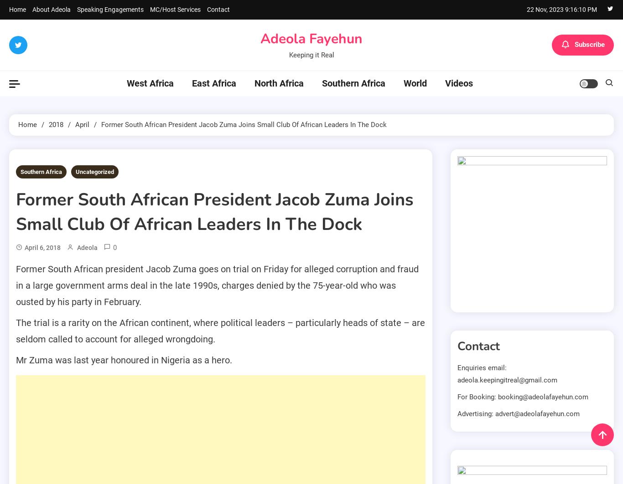 The image size is (623, 484). I want to click on 'Adeola Fayehun', so click(311, 39).